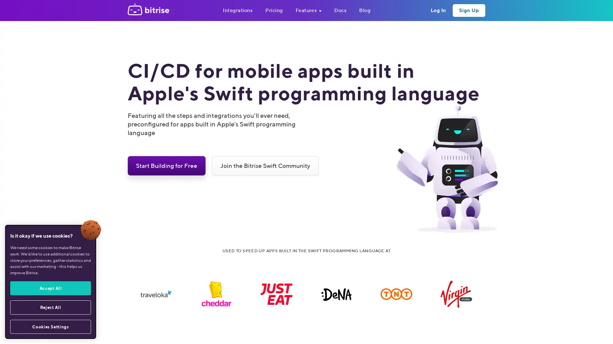 Image resolution: width=613 pixels, height=344 pixels. I want to click on Cookies Settings, so click(50, 326).